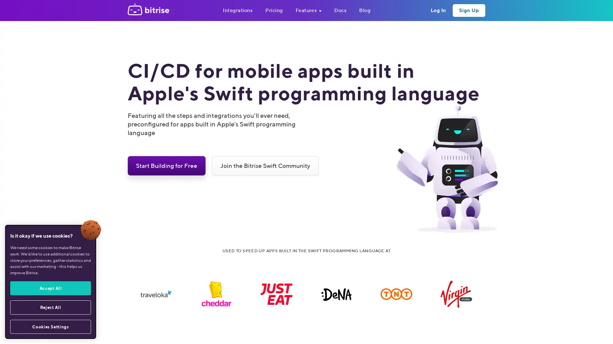 Image resolution: width=613 pixels, height=344 pixels. I want to click on Cookies Settings, so click(50, 326).